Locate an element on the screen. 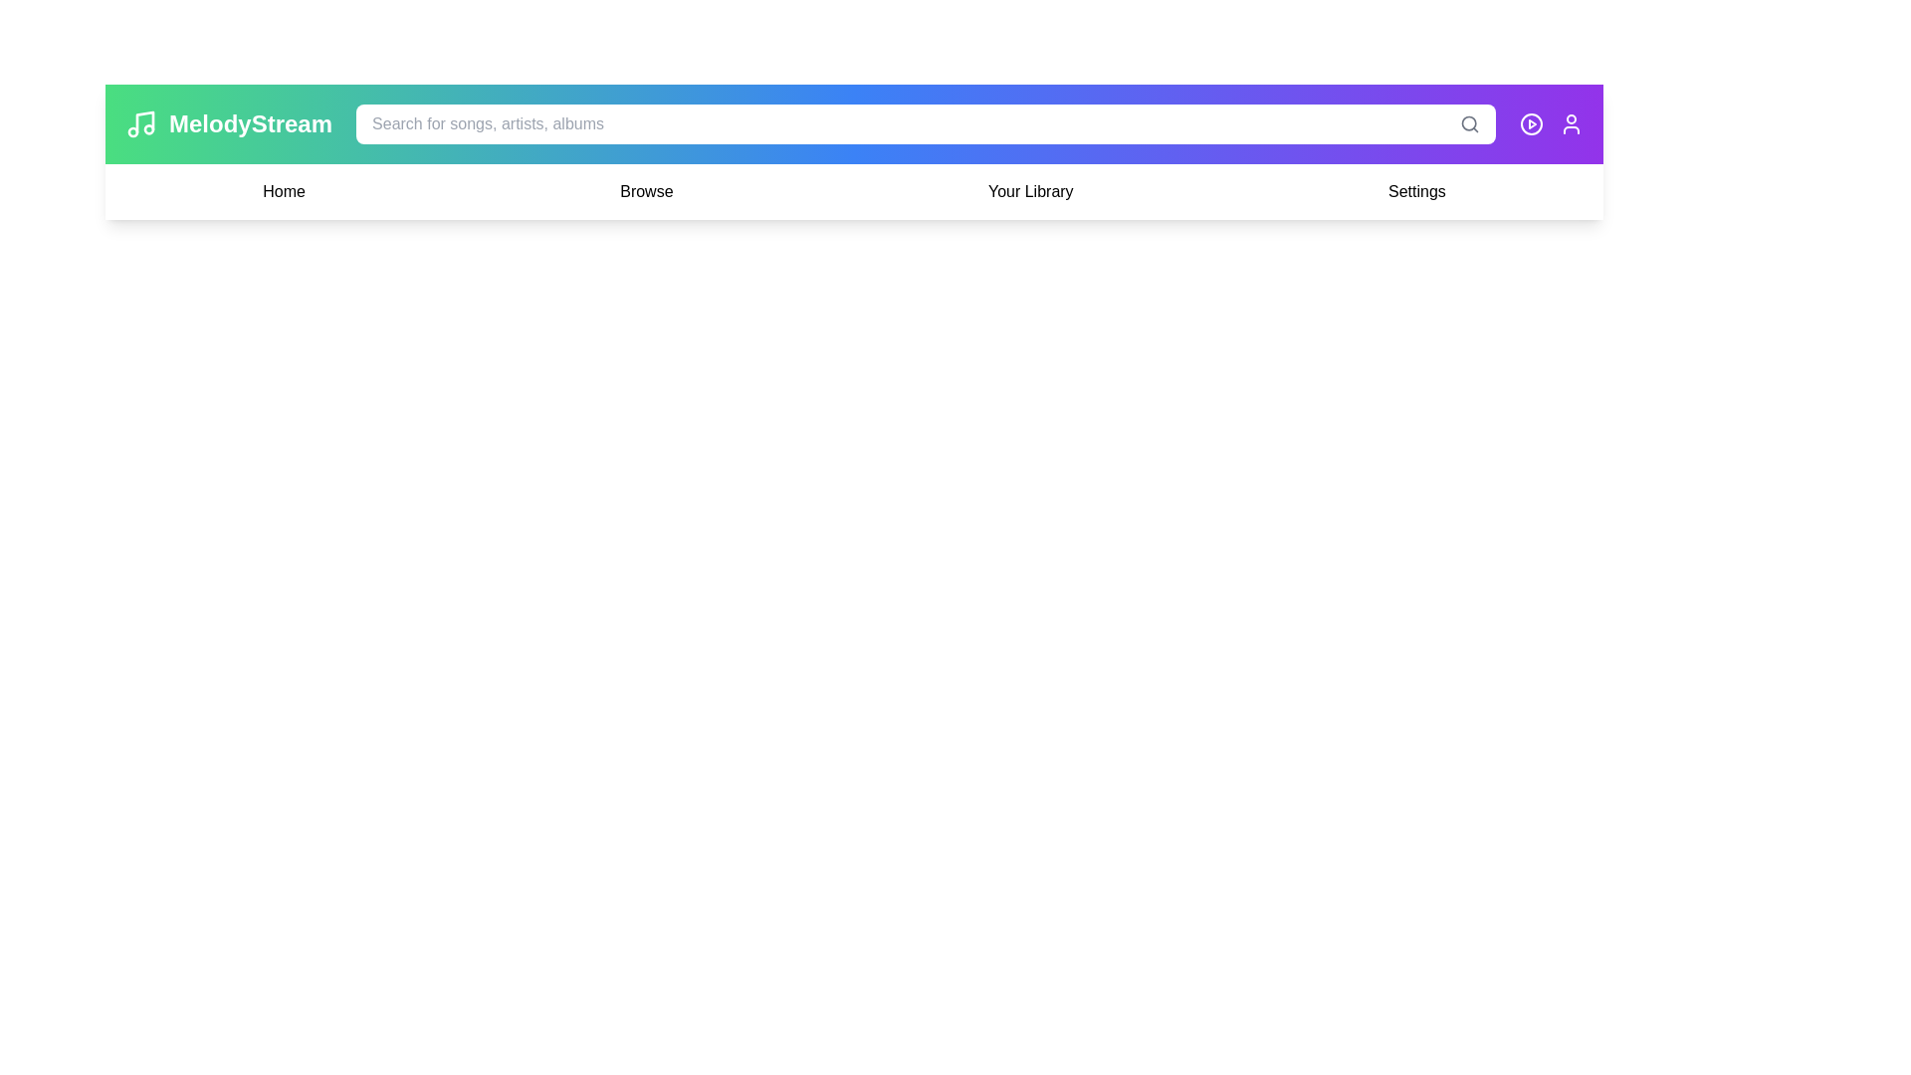 The height and width of the screenshot is (1075, 1911). the Browse text label to navigate or trigger the associated action is located at coordinates (646, 191).